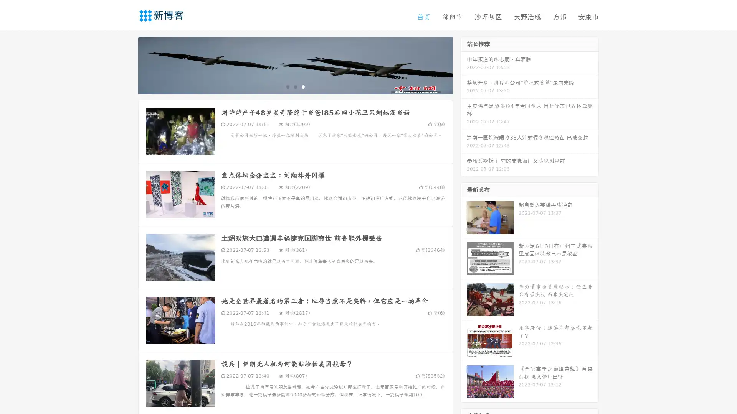 The image size is (737, 414). What do you see at coordinates (295, 86) in the screenshot?
I see `Go to slide 2` at bounding box center [295, 86].